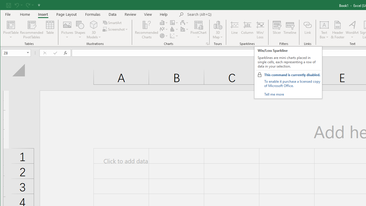 This screenshot has height=206, width=366. What do you see at coordinates (164, 36) in the screenshot?
I see `'Insert Pie or Doughnut Chart'` at bounding box center [164, 36].